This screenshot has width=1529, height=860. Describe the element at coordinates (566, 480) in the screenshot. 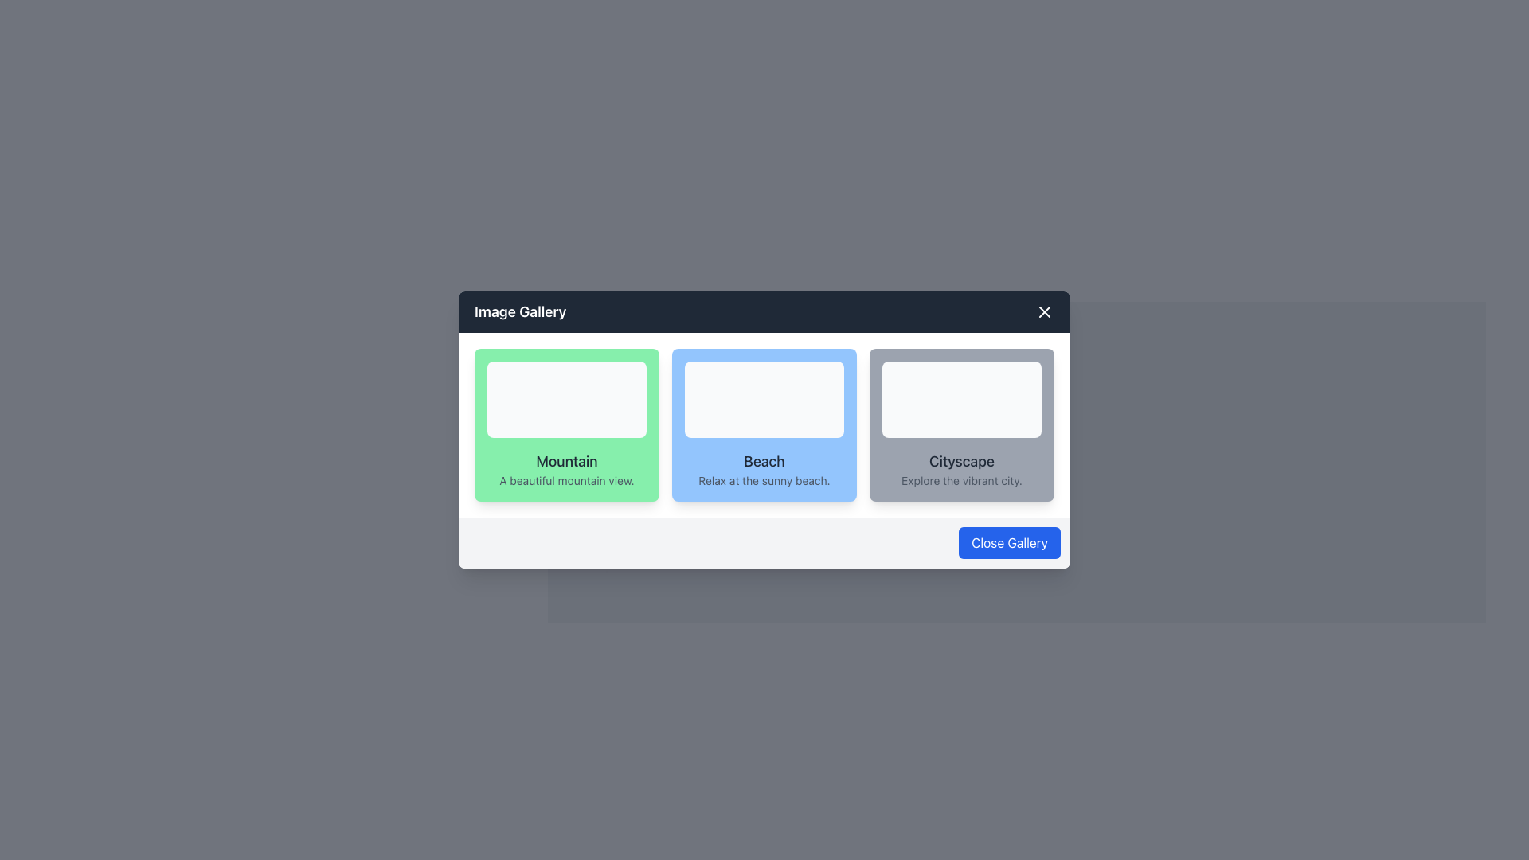

I see `the small textual label displaying 'A beautiful mountain view.' which is positioned below the 'Mountain' label within a card component in a vertically stacked layout` at that location.